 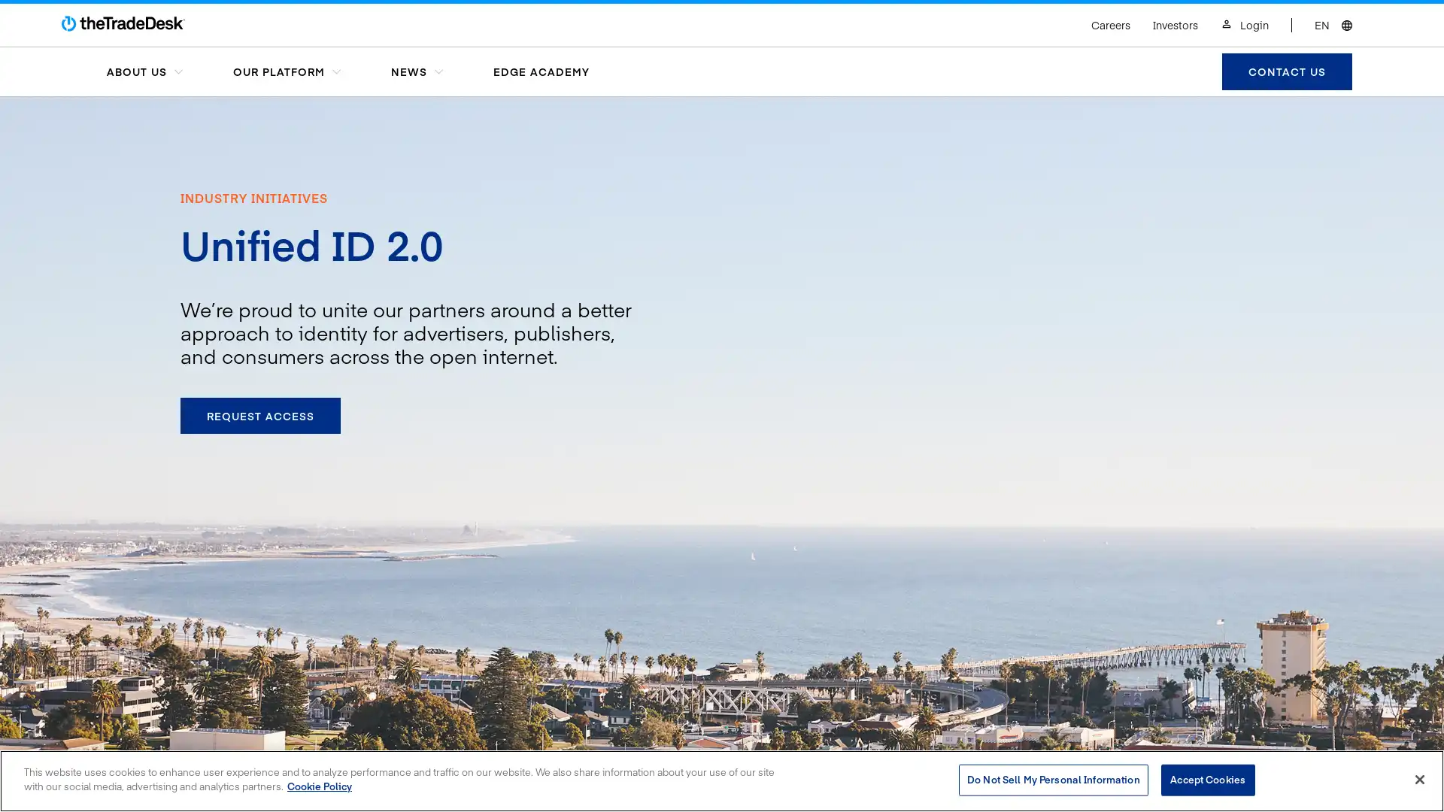 What do you see at coordinates (1207, 779) in the screenshot?
I see `Accept Cookies` at bounding box center [1207, 779].